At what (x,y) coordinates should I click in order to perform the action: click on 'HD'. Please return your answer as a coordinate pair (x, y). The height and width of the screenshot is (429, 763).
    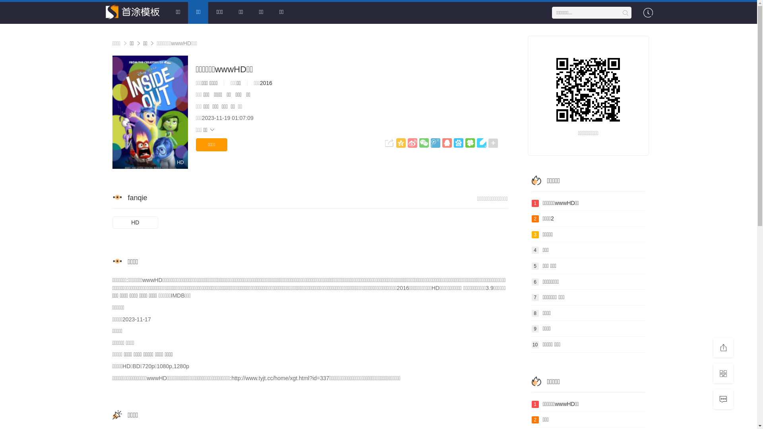
    Looking at the image, I should click on (135, 222).